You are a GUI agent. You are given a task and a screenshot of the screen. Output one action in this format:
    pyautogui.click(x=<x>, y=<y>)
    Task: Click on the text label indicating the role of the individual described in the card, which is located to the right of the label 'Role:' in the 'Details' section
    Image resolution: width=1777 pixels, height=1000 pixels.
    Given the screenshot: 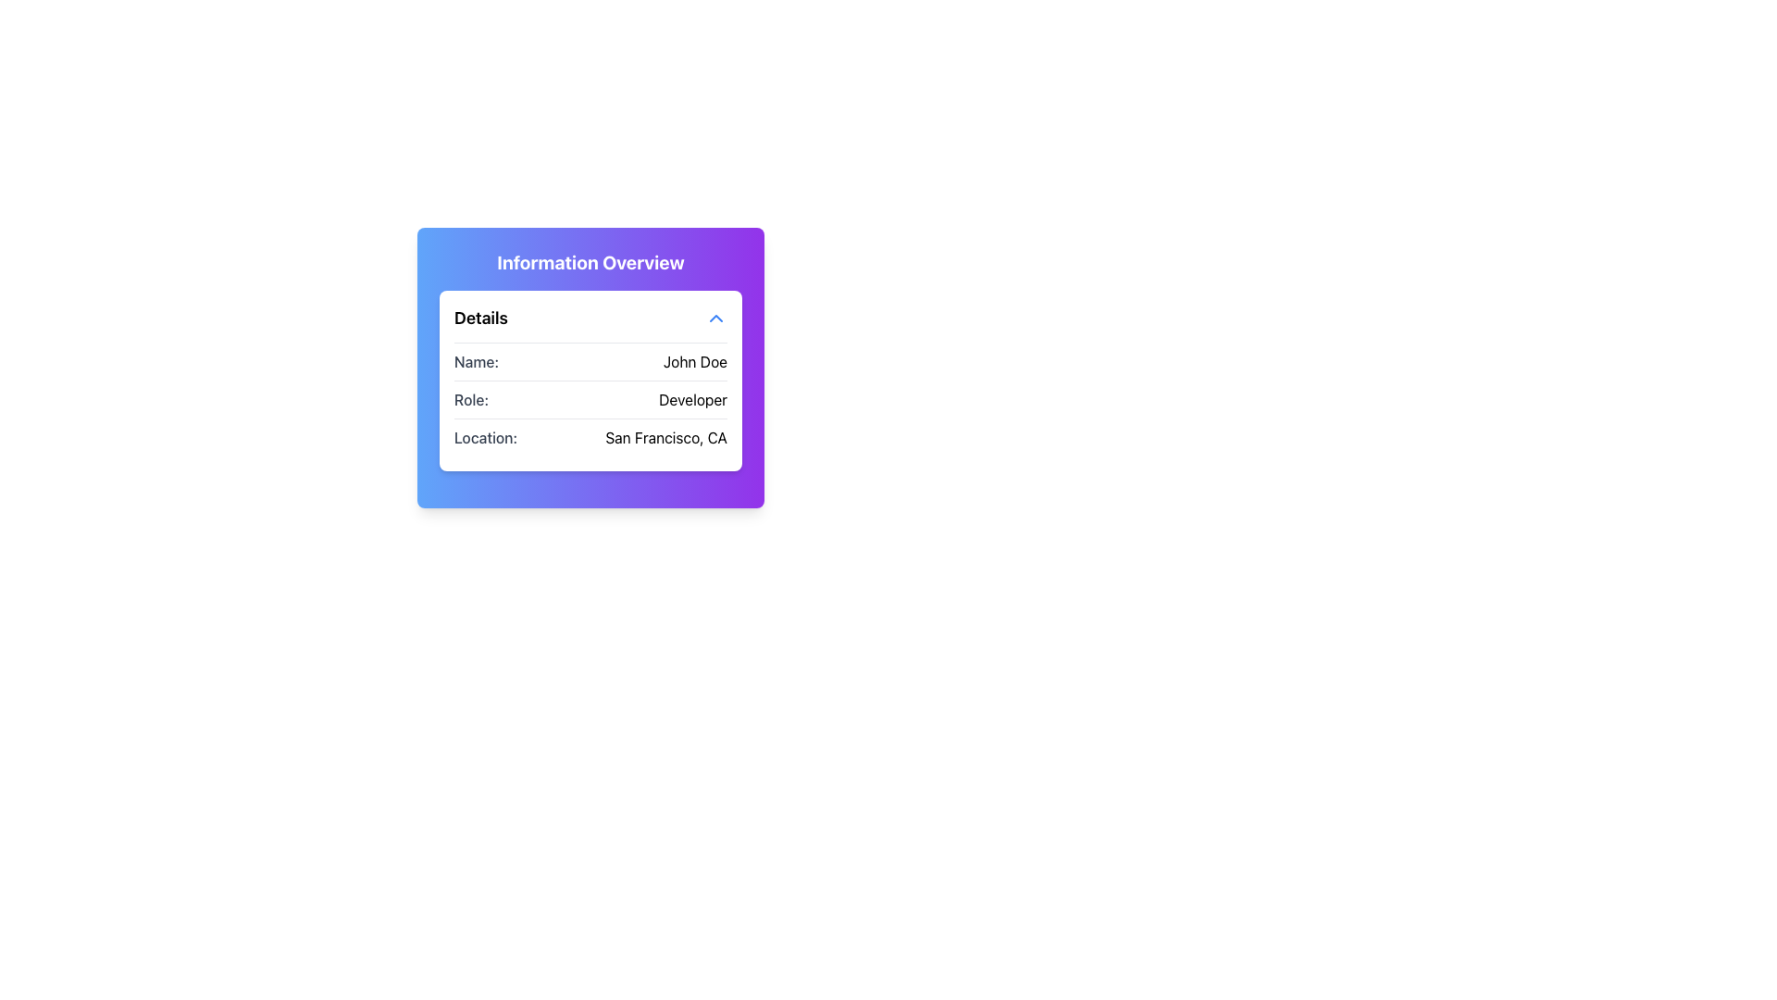 What is the action you would take?
    pyautogui.click(x=692, y=399)
    